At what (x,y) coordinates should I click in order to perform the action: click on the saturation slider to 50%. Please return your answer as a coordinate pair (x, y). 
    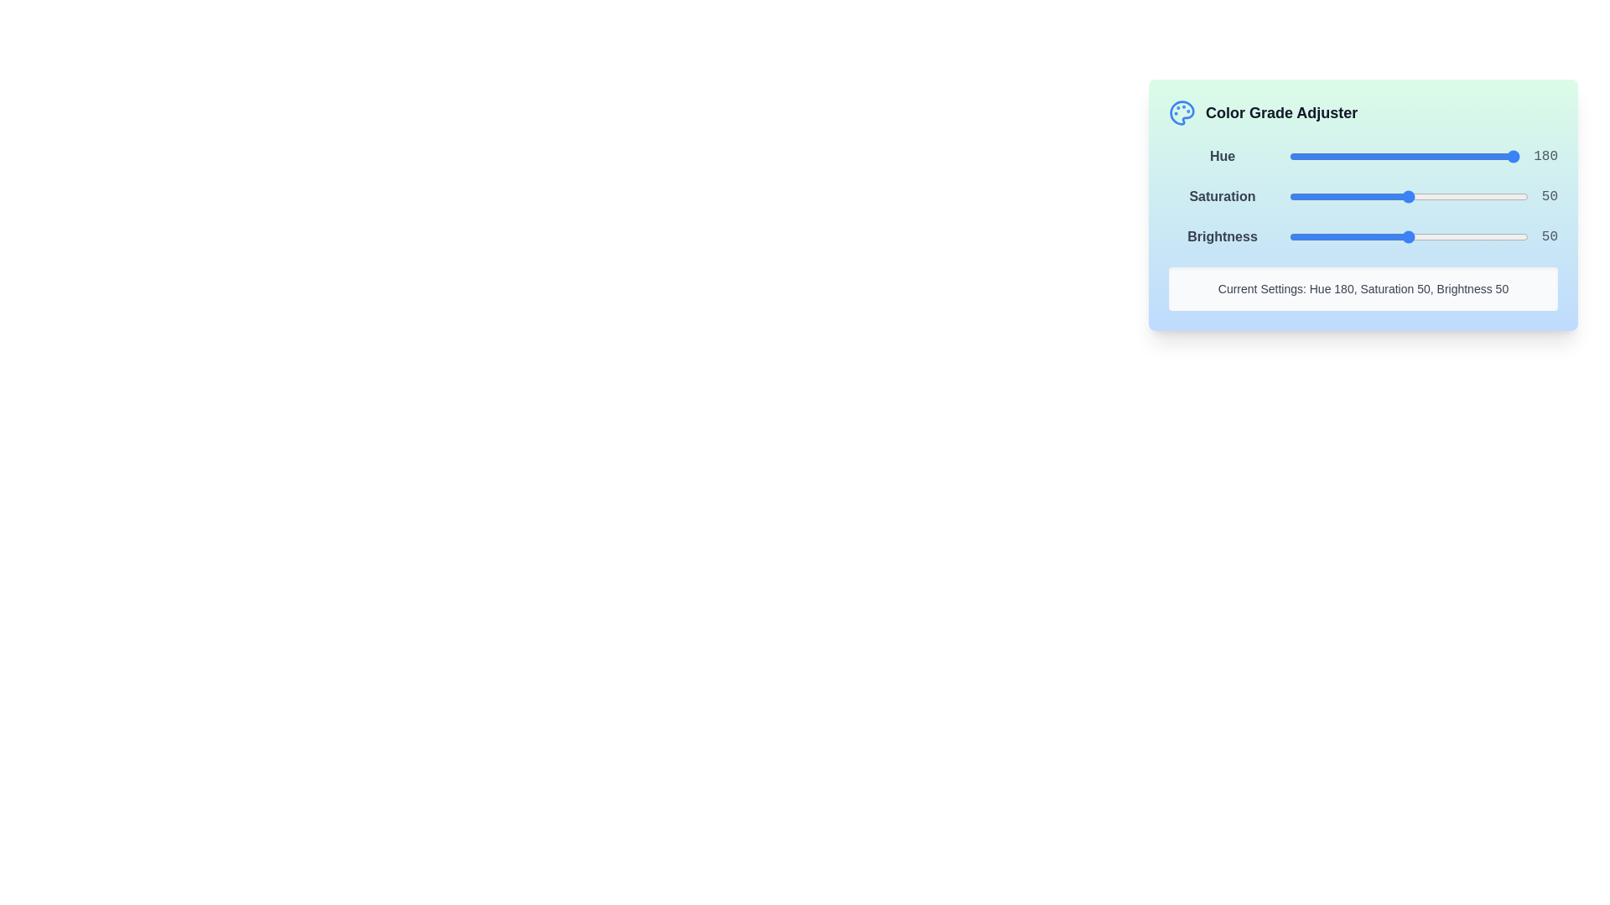
    Looking at the image, I should click on (1409, 196).